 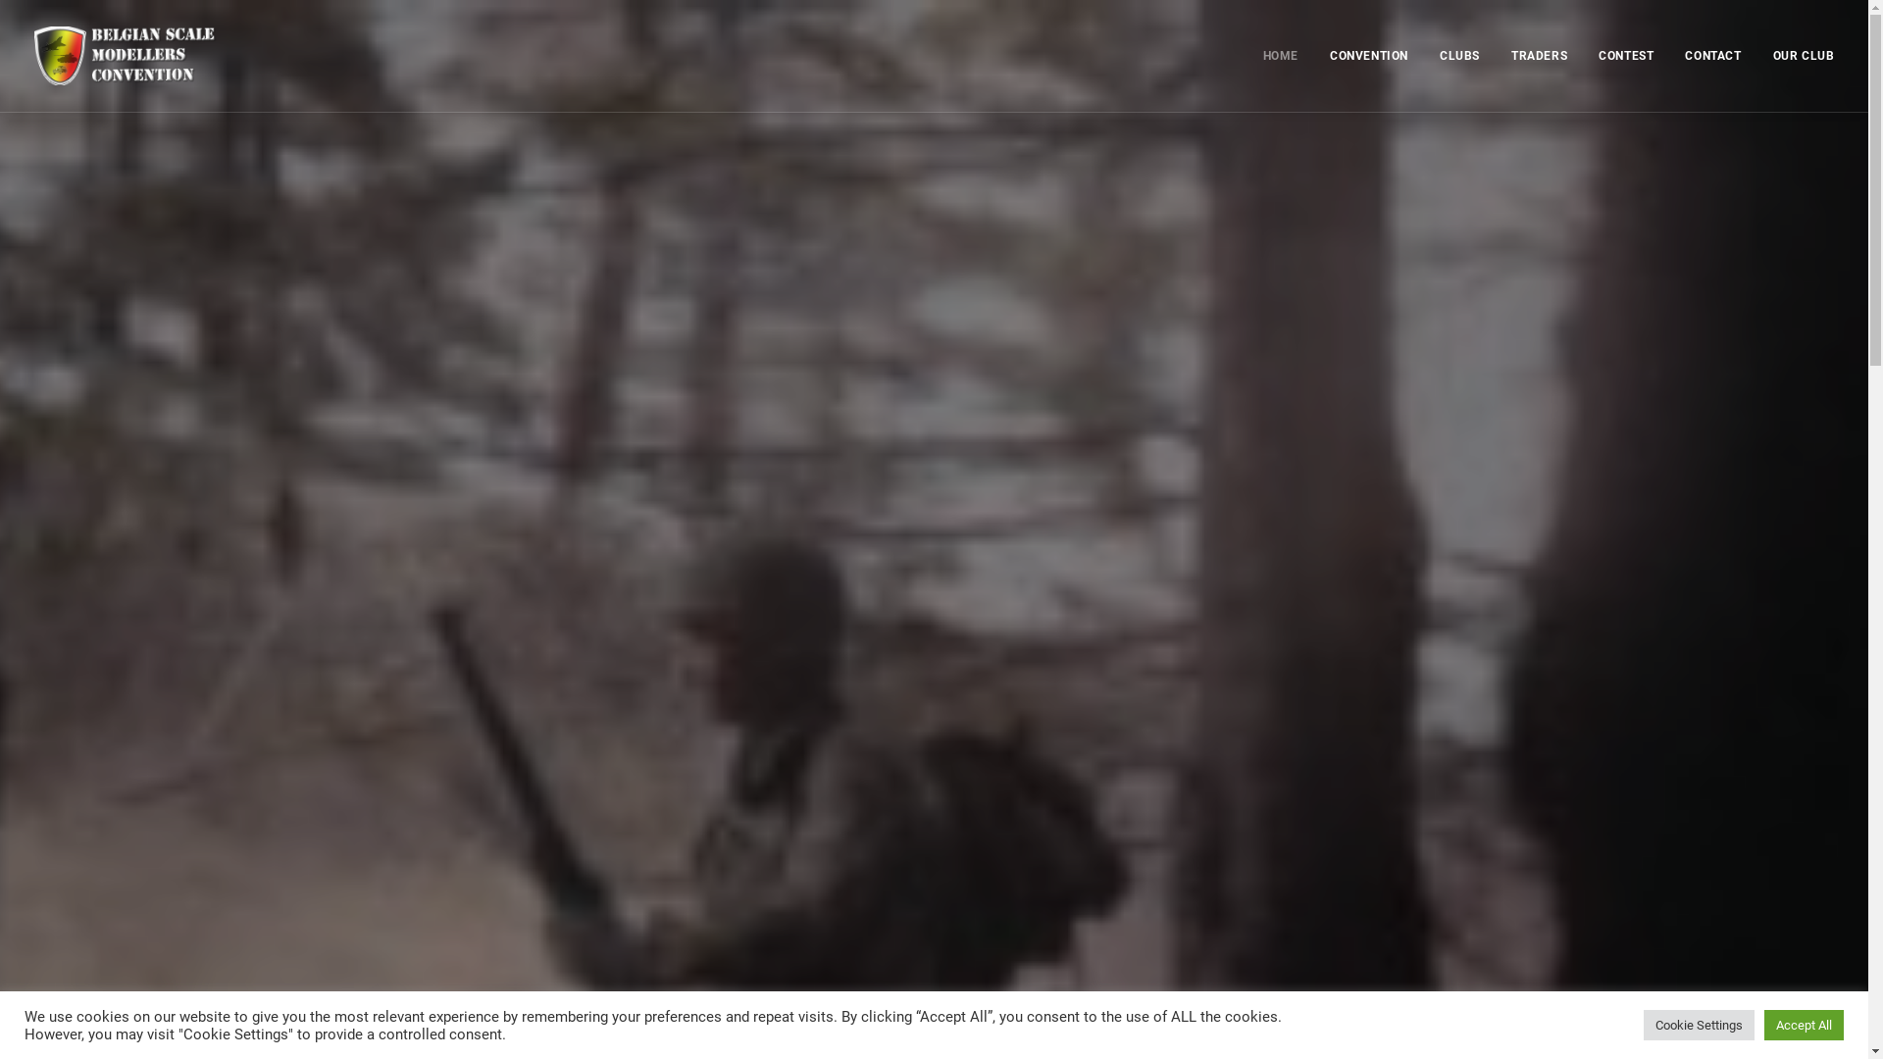 What do you see at coordinates (1804, 1024) in the screenshot?
I see `'Accept All'` at bounding box center [1804, 1024].